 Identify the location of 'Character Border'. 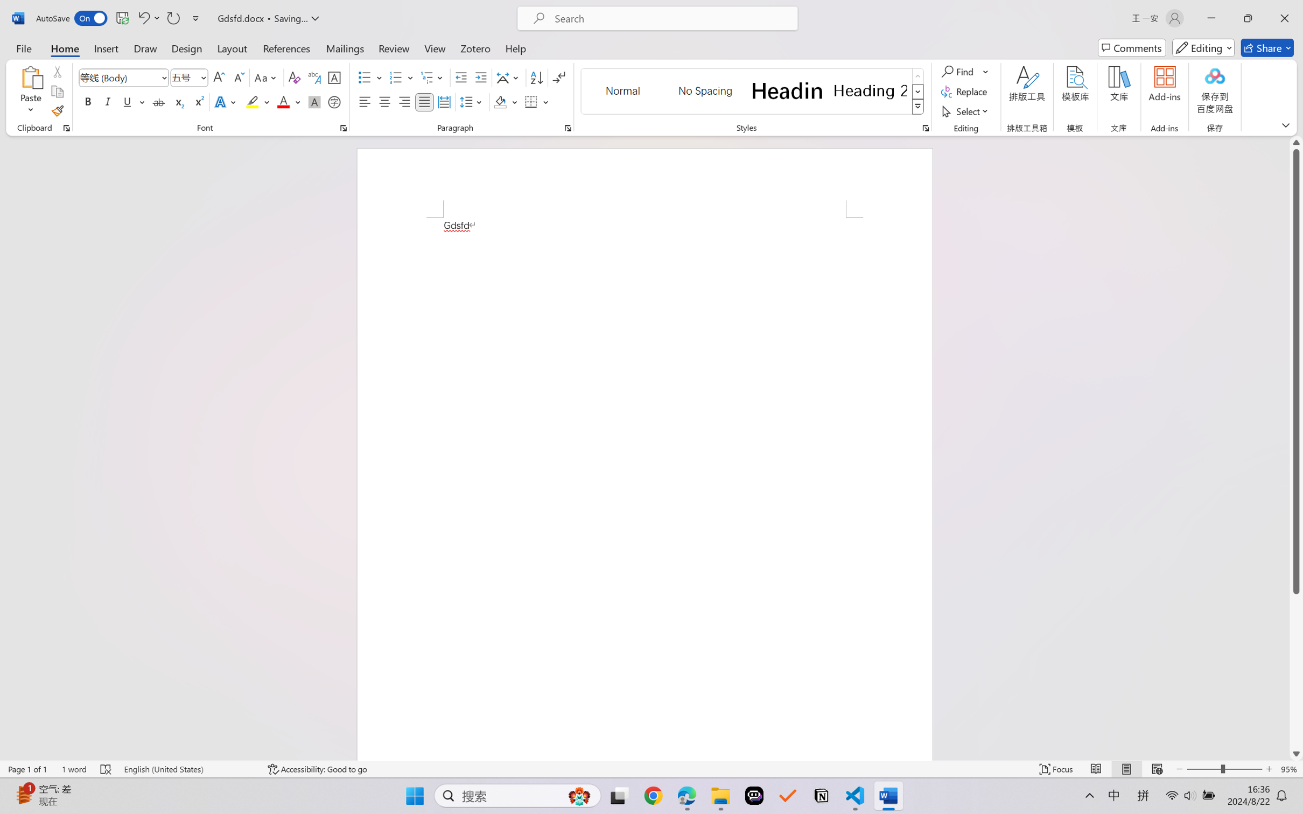
(334, 78).